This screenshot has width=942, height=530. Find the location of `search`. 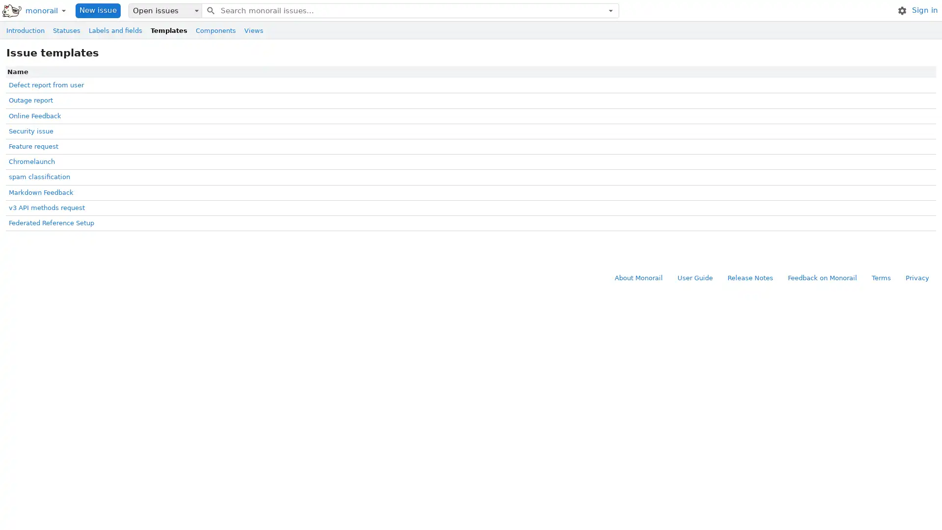

search is located at coordinates (209, 10).